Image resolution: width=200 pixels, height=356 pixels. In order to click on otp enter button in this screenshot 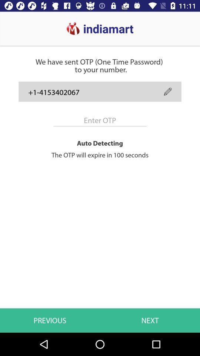, I will do `click(100, 120)`.